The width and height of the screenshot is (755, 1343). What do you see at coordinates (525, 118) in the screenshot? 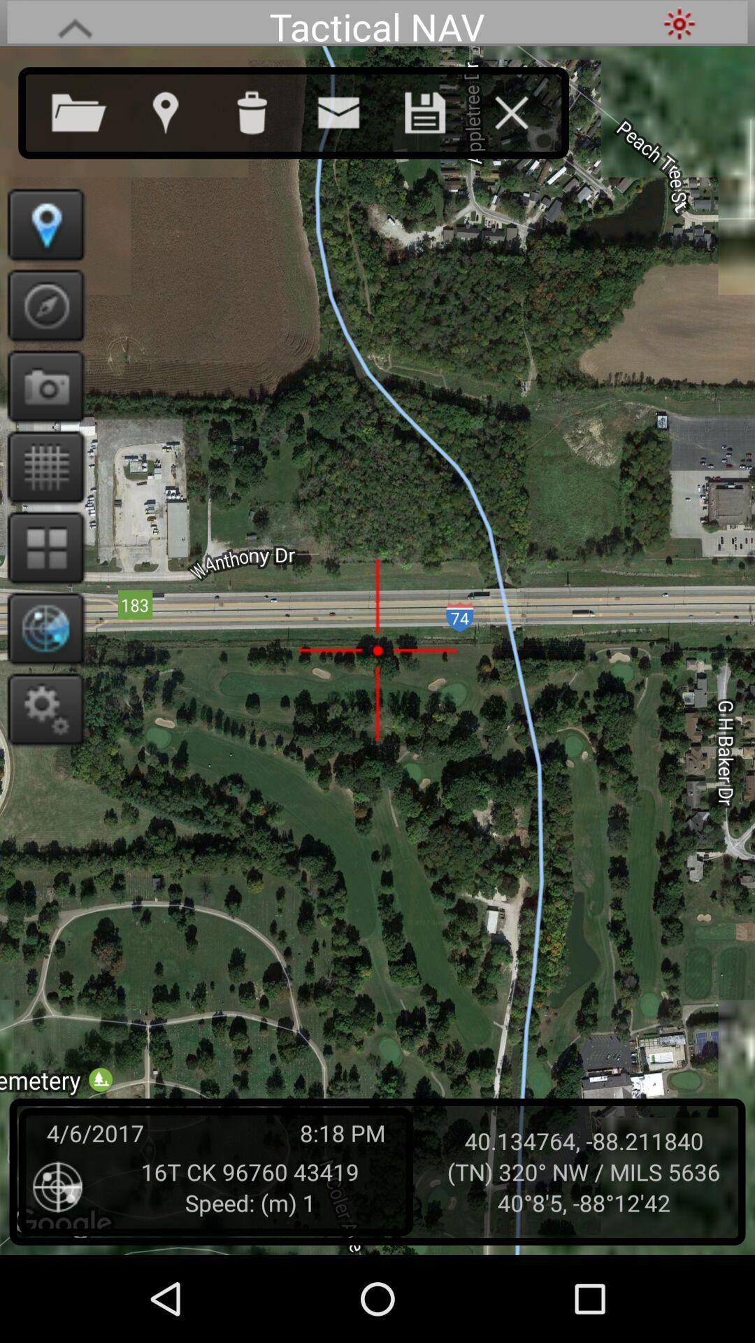
I see `the close icon` at bounding box center [525, 118].